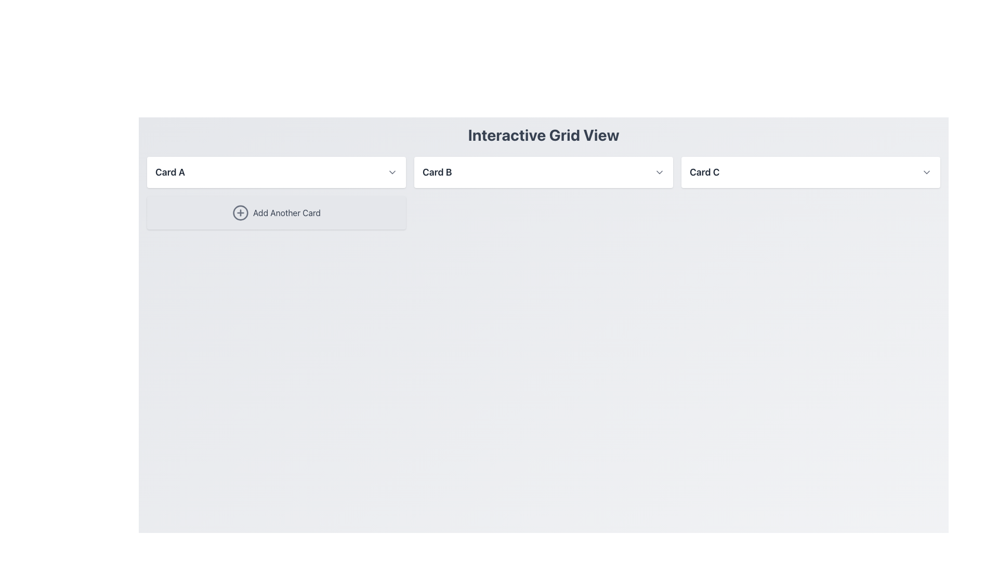  I want to click on the bold, centered heading displaying 'Interactive Grid View' which is positioned at the top of the interface, so click(543, 134).